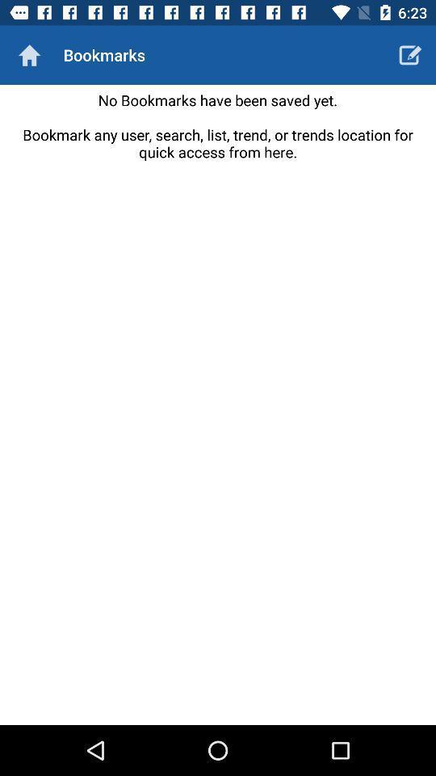 This screenshot has width=436, height=776. Describe the element at coordinates (410, 55) in the screenshot. I see `icon above no bookmarks have icon` at that location.